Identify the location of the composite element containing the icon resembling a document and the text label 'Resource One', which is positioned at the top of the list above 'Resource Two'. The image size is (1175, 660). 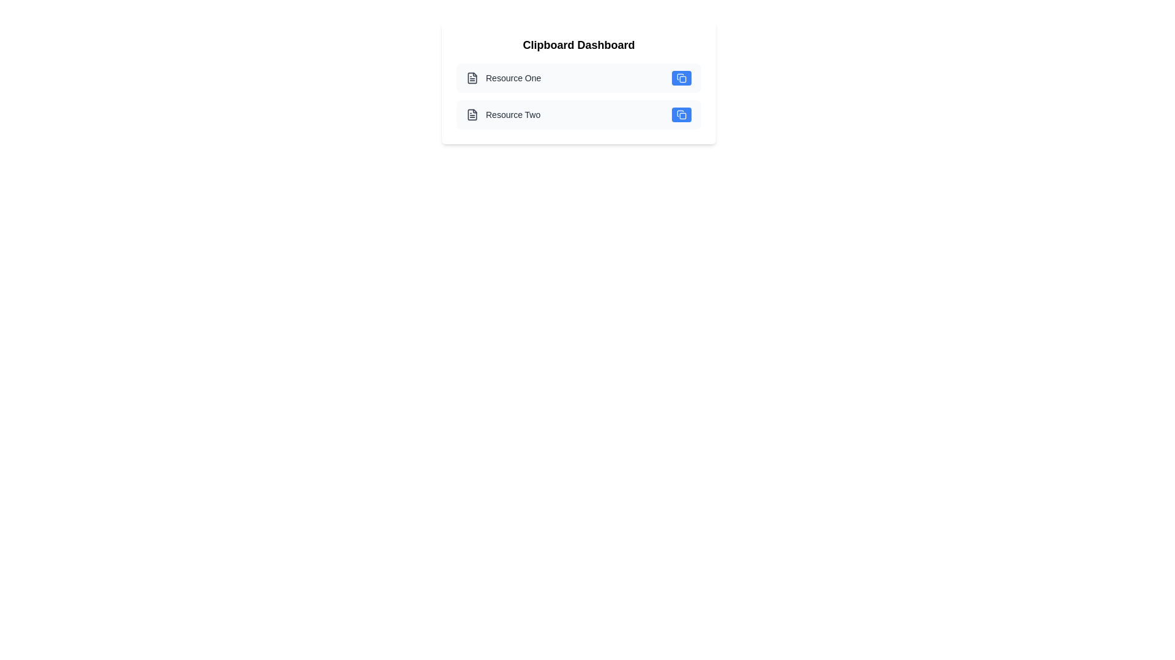
(504, 78).